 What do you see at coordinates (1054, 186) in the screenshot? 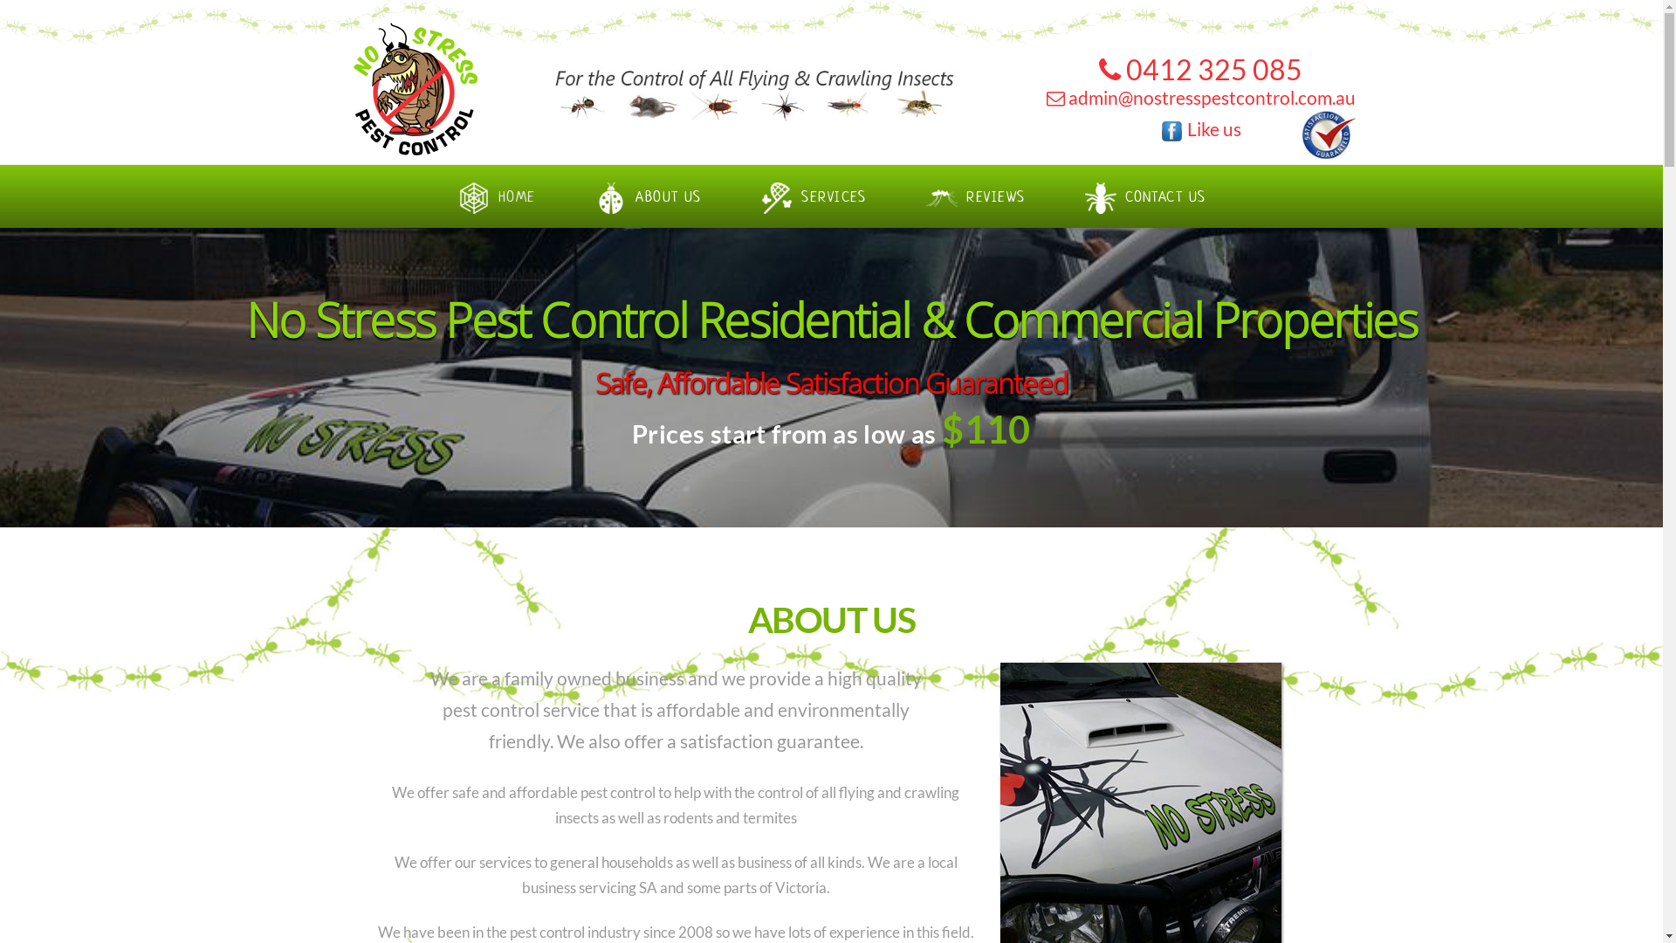
I see `'CONTACT US'` at bounding box center [1054, 186].